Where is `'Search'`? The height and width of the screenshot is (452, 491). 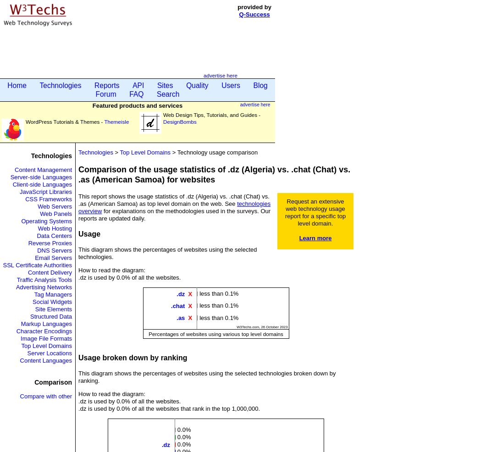 'Search' is located at coordinates (167, 94).